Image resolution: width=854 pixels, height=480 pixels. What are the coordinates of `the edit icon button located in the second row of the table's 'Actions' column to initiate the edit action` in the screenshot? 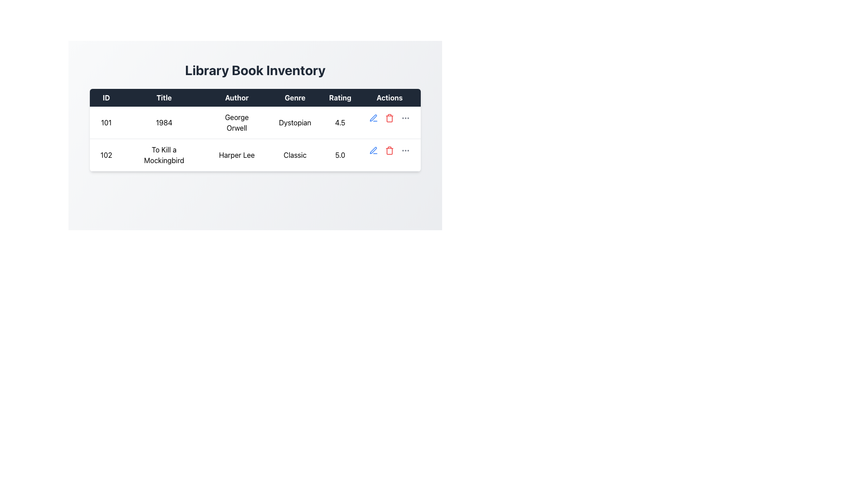 It's located at (374, 150).